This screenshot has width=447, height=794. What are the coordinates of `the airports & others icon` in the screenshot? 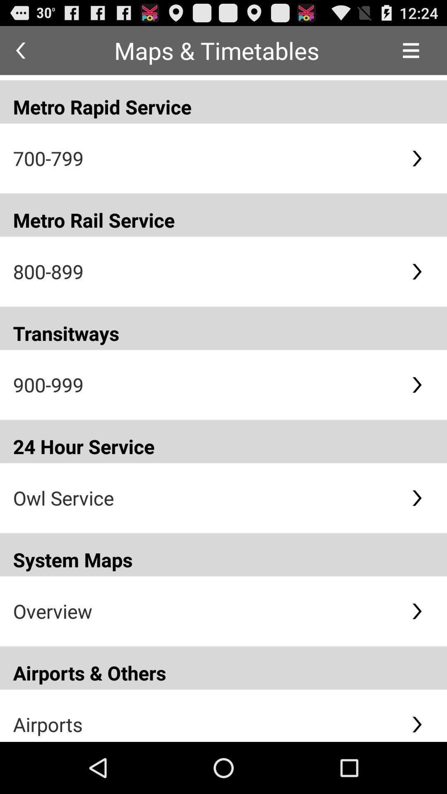 It's located at (223, 668).